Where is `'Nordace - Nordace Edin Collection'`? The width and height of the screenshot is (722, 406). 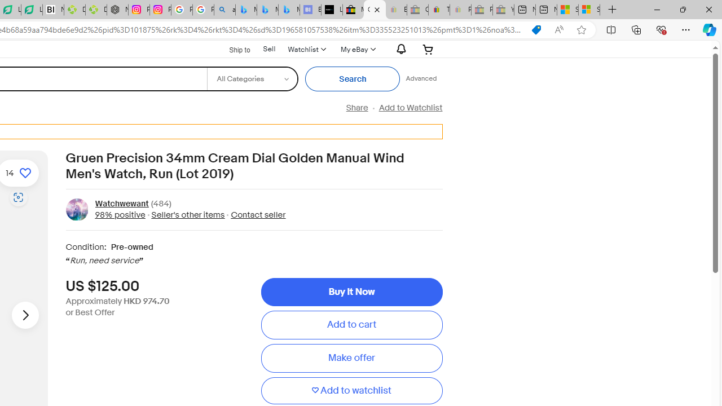 'Nordace - Nordace Edin Collection' is located at coordinates (117, 10).